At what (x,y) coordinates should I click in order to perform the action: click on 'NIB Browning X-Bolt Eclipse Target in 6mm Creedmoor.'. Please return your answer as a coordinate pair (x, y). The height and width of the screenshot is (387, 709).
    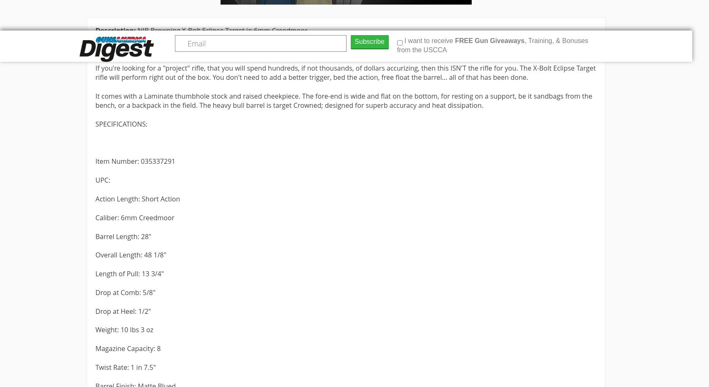
    Looking at the image, I should click on (137, 30).